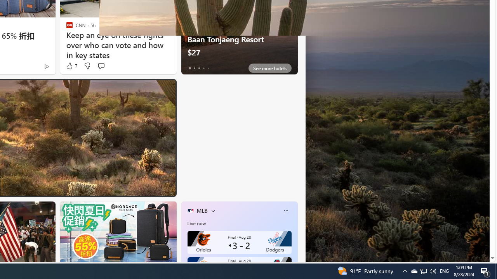 This screenshot has width=497, height=279. What do you see at coordinates (101, 65) in the screenshot?
I see `'Start the conversation'` at bounding box center [101, 65].